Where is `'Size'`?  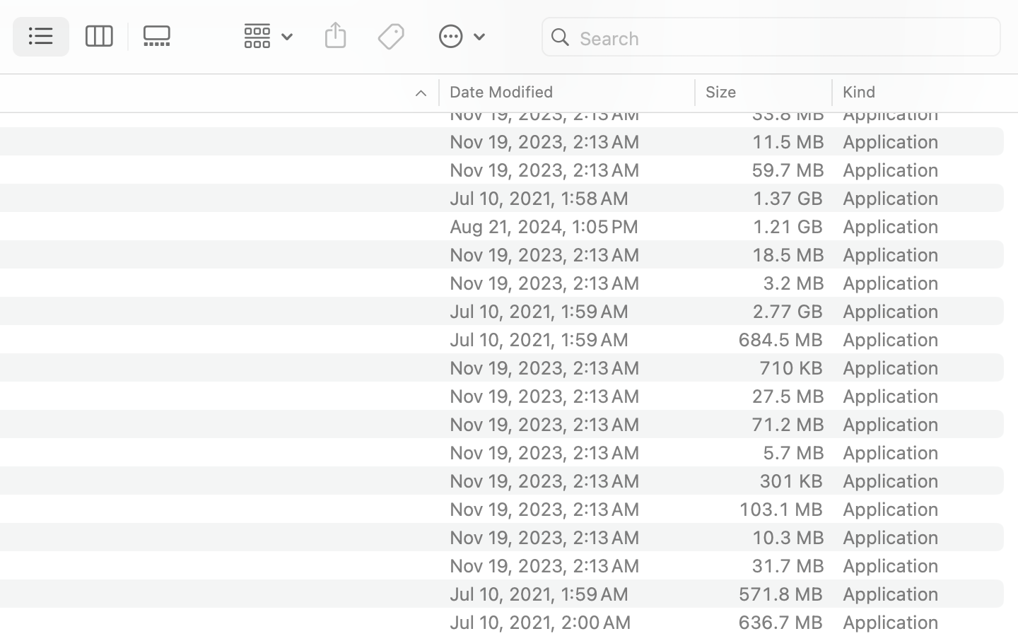
'Size' is located at coordinates (720, 91).